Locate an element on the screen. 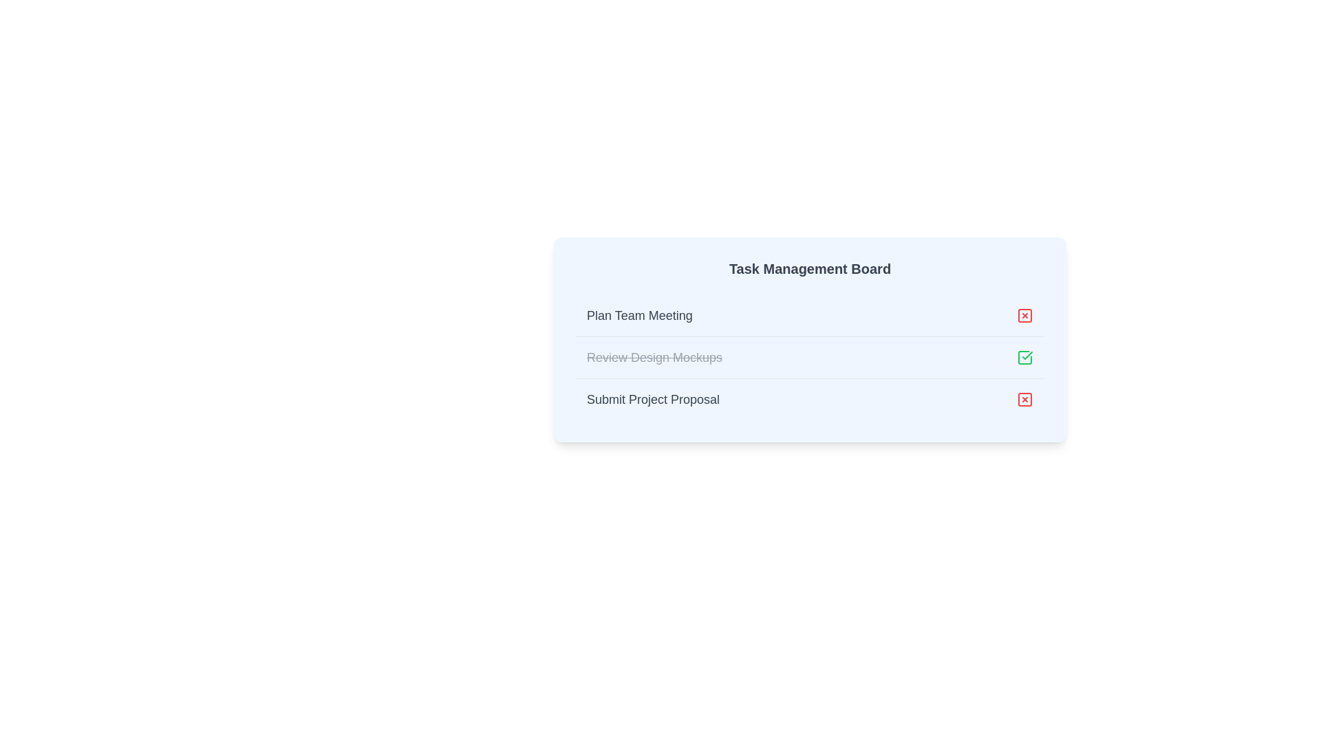  the red-bordered square icon with an 'X' symbol located to the right of the 'Plan Team Meeting' text is located at coordinates (1024, 316).